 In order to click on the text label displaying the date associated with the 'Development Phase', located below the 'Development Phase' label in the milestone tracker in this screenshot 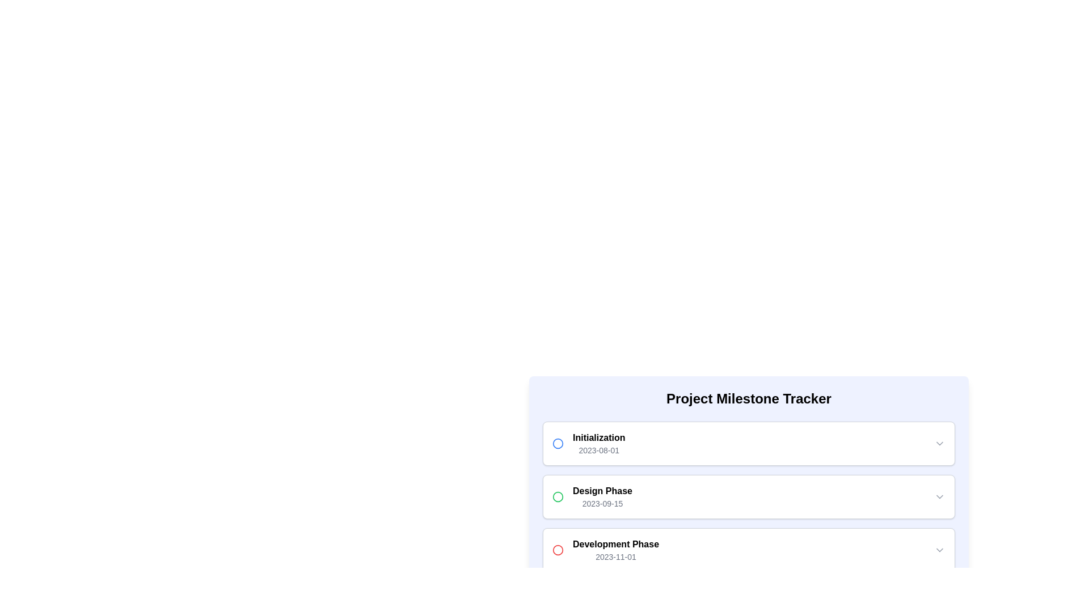, I will do `click(615, 556)`.